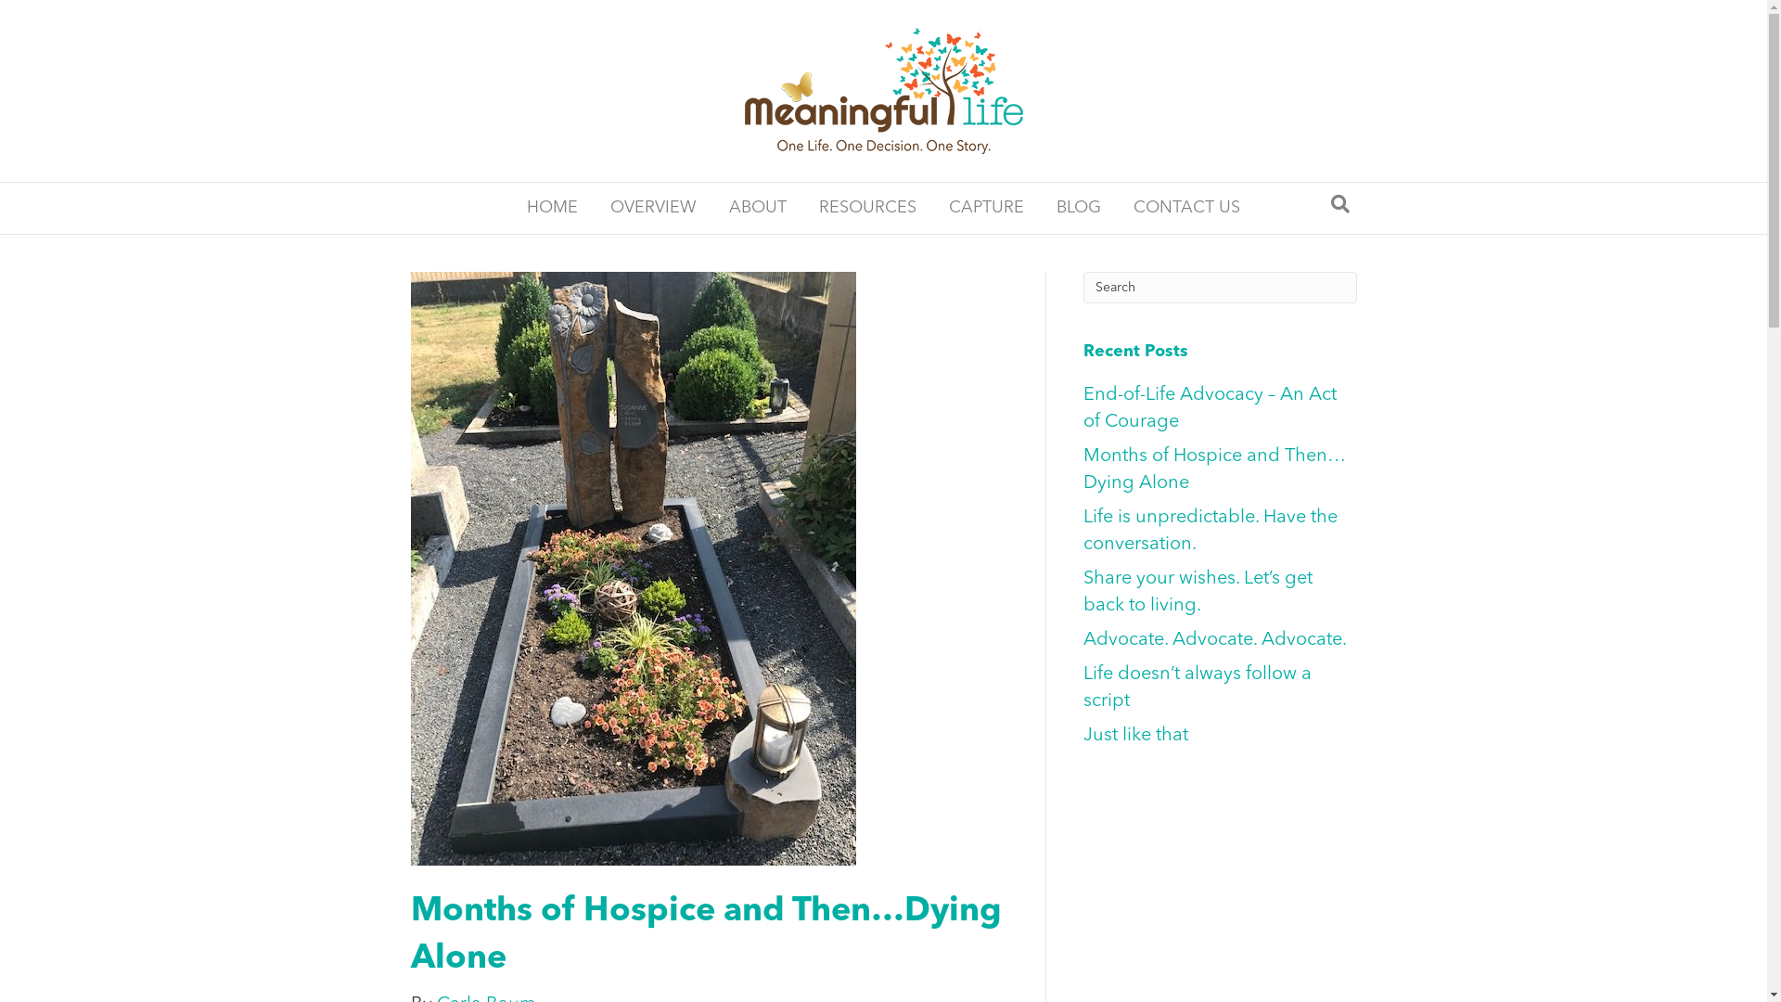 The image size is (1781, 1002). Describe the element at coordinates (1134, 735) in the screenshot. I see `'Just like that'` at that location.